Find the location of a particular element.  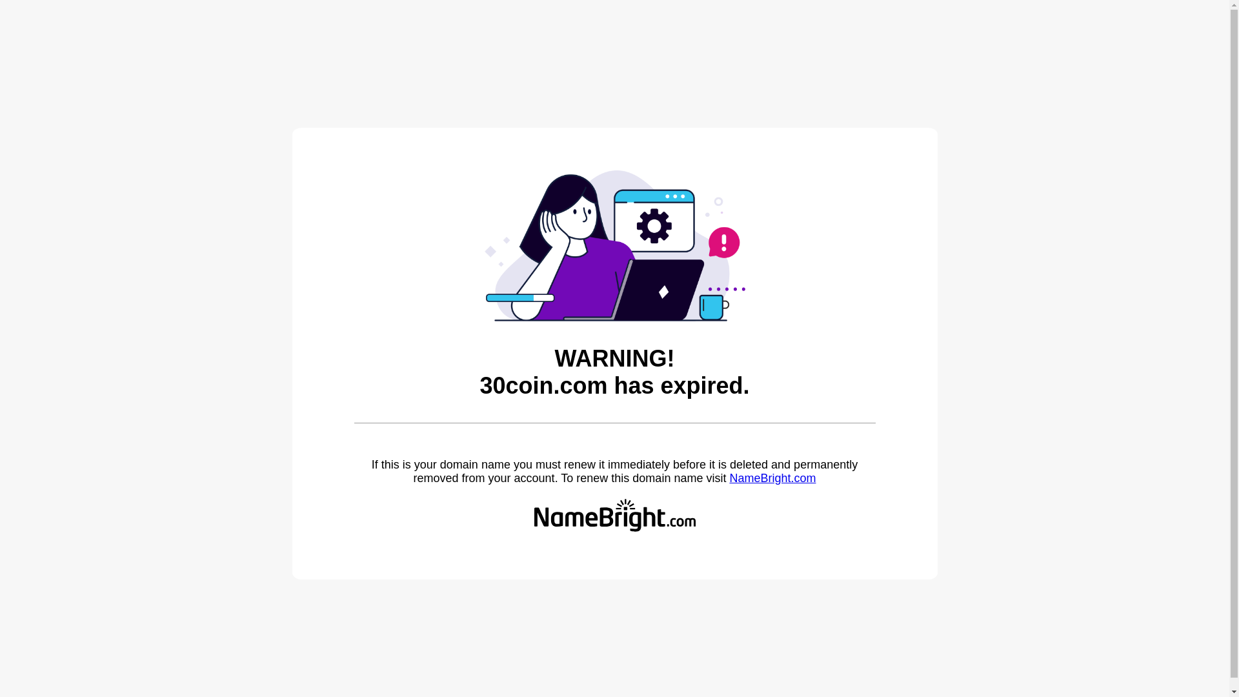

'NameBright.com' is located at coordinates (772, 478).